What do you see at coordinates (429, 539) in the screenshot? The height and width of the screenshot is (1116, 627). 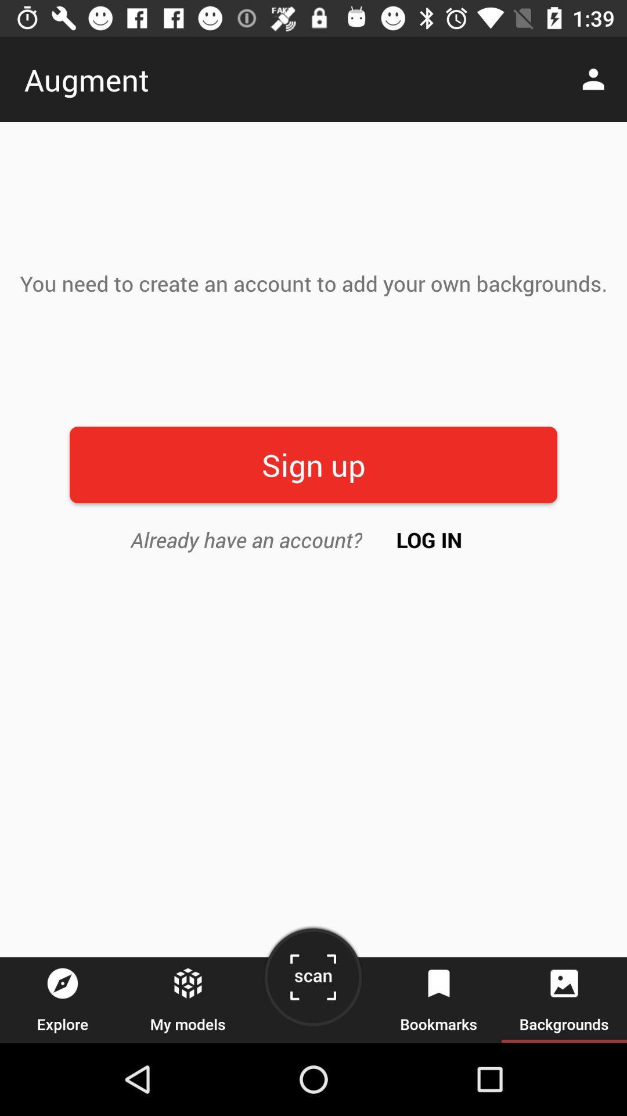 I see `log in item` at bounding box center [429, 539].